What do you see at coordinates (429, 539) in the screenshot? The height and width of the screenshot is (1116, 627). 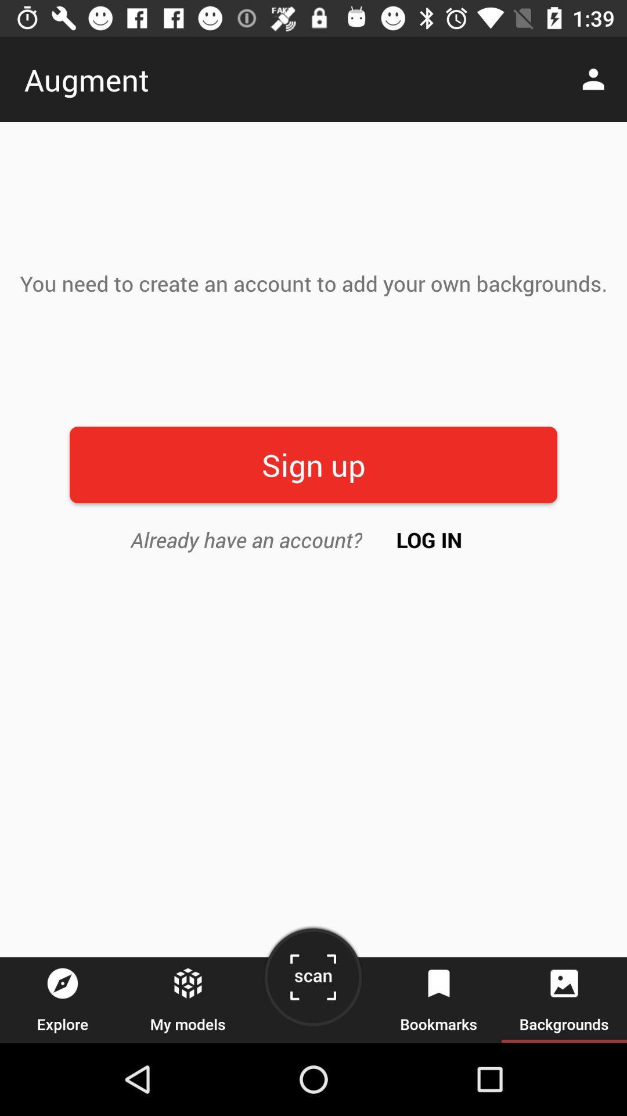 I see `log in item` at bounding box center [429, 539].